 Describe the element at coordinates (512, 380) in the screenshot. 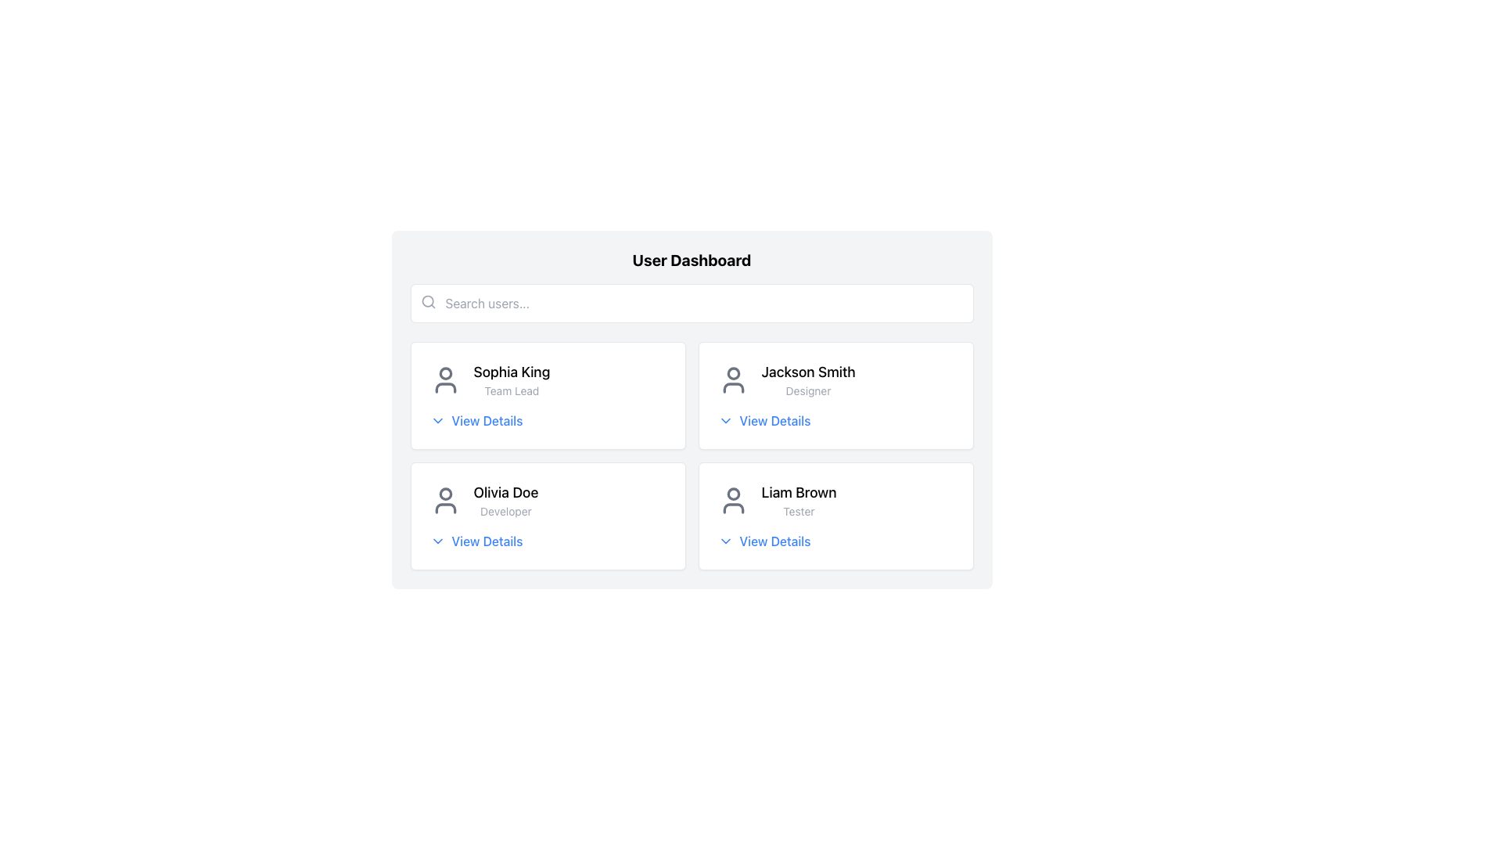

I see `the Text Display that shows the name and title of the user, located on the left side within the first card of the grid layout, under the user icon and above the 'View Details' link` at that location.